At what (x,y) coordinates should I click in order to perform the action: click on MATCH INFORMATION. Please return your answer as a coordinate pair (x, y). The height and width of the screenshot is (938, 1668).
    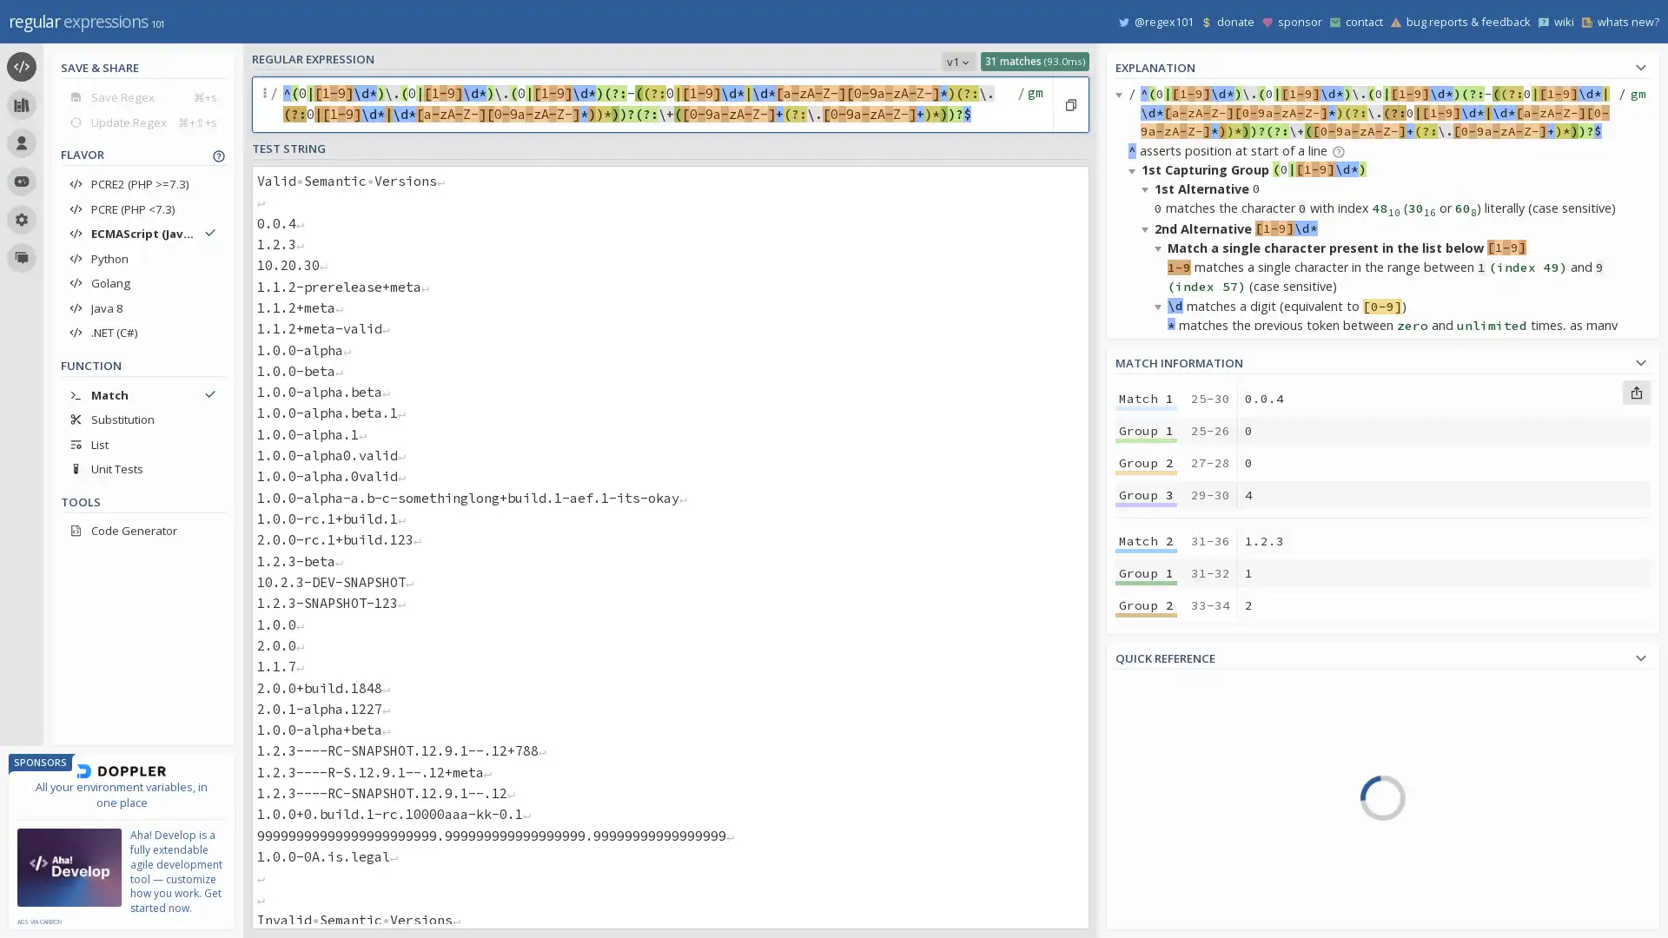
    Looking at the image, I should click on (1382, 360).